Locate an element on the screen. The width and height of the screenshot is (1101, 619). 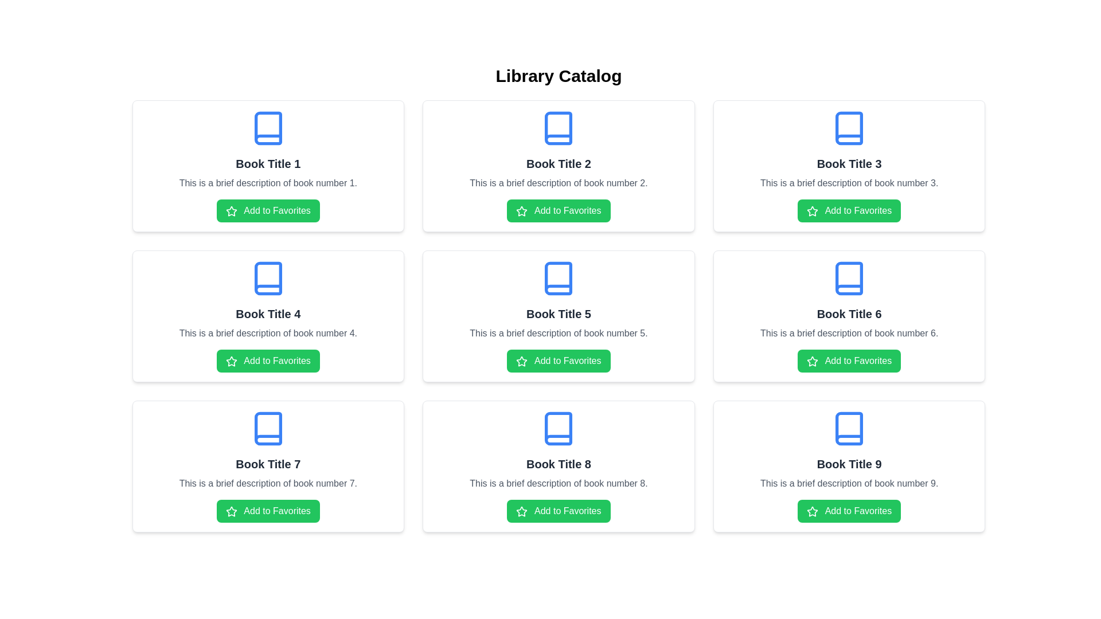
the star icon within the 'Add to Favorites' button for 'Book Title 8', located in the third row, middle column of the grid layout is located at coordinates (521, 511).